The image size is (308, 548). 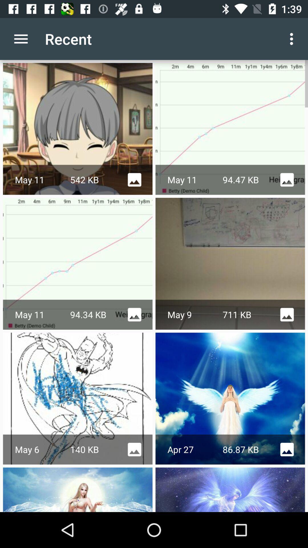 I want to click on the icon next to recent, so click(x=21, y=39).